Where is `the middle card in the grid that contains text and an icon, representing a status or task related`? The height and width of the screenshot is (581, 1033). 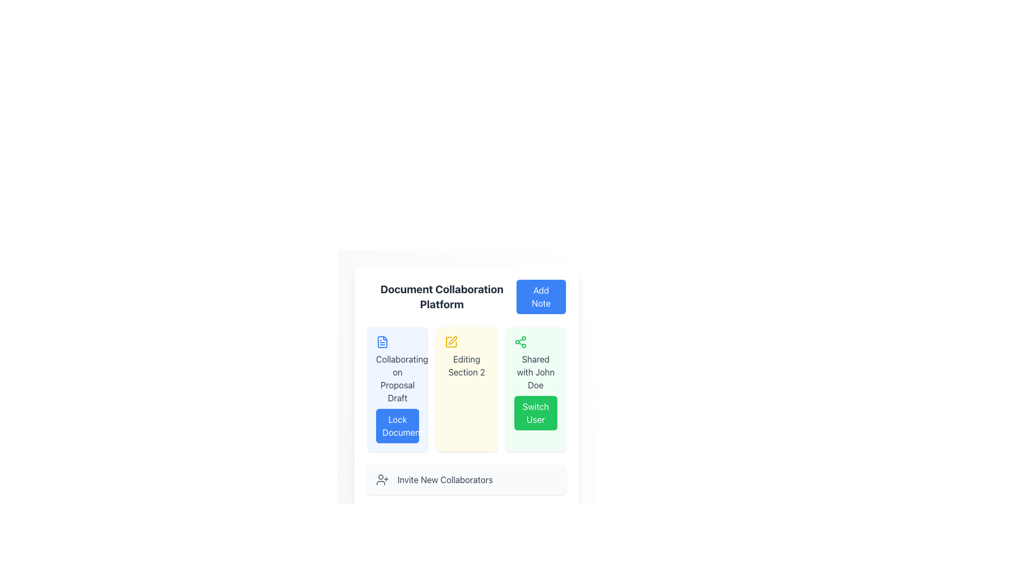 the middle card in the grid that contains text and an icon, representing a status or task related is located at coordinates (466, 369).